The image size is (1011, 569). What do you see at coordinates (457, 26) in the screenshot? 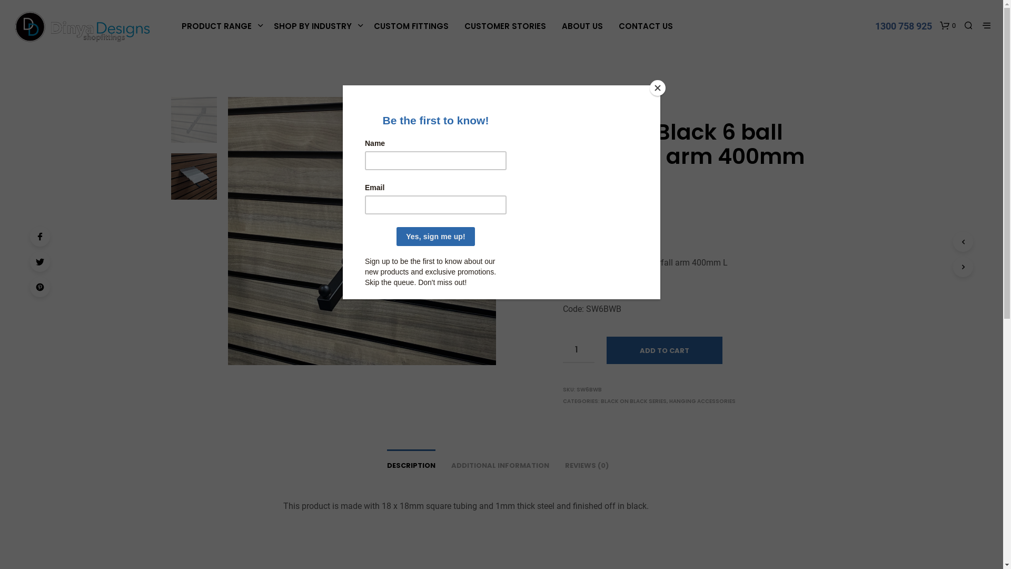
I see `'CUSTOMER STORIES'` at bounding box center [457, 26].